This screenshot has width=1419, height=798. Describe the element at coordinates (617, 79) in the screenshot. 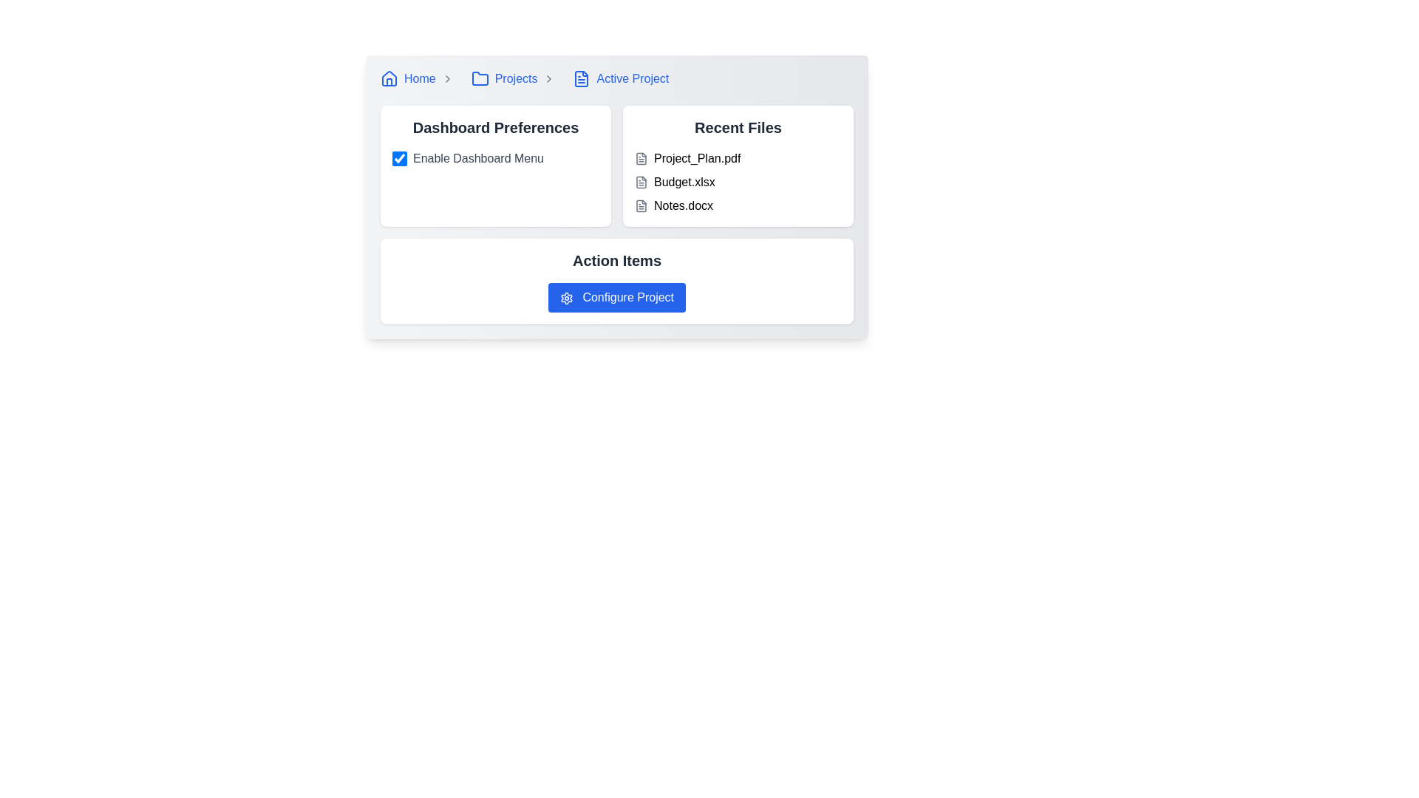

I see `the 'Active Project' step in the Breadcrumb Navigation Bar` at that location.